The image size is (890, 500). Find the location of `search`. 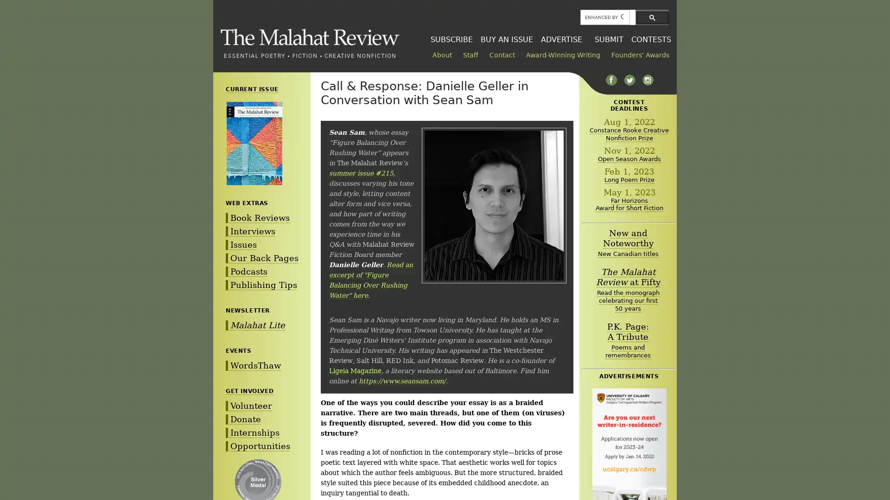

search is located at coordinates (652, 17).